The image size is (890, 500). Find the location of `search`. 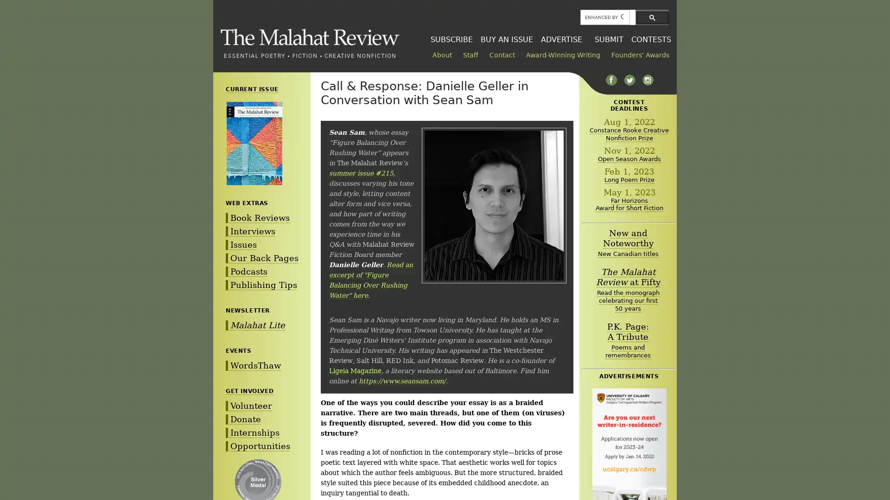

search is located at coordinates (652, 17).